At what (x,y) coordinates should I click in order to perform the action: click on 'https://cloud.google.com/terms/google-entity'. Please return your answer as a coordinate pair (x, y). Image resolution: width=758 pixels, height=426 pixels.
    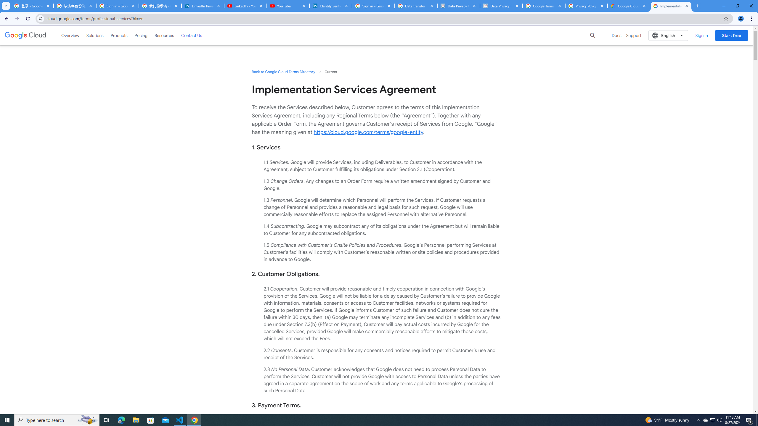
    Looking at the image, I should click on (368, 132).